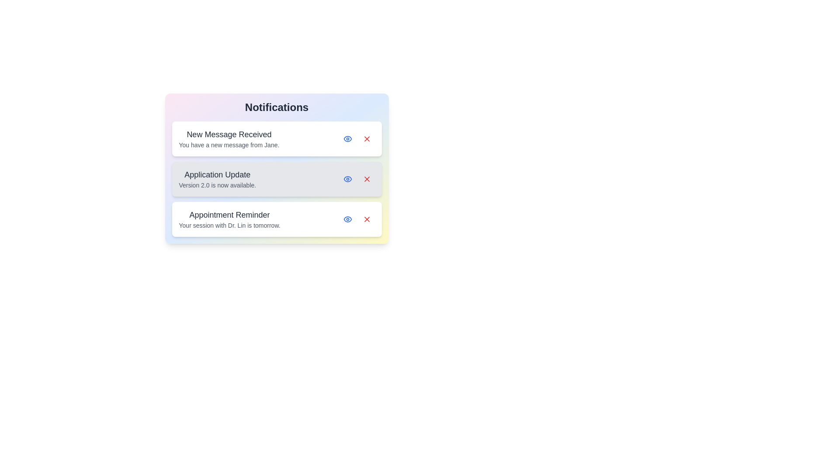 The height and width of the screenshot is (472, 839). I want to click on the 'eye' icon button corresponding to the notification with the title 'New Message Received', so click(347, 138).